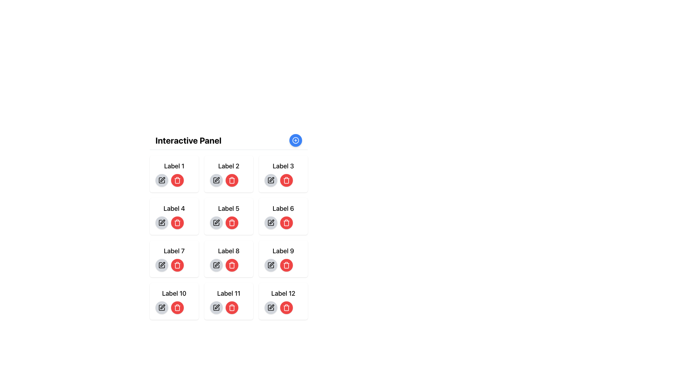 The image size is (680, 382). What do you see at coordinates (161, 222) in the screenshot?
I see `the circular gray button with a pen symbol at the center, located in the fourth row and first column of the grid layout, to initiate editing` at bounding box center [161, 222].